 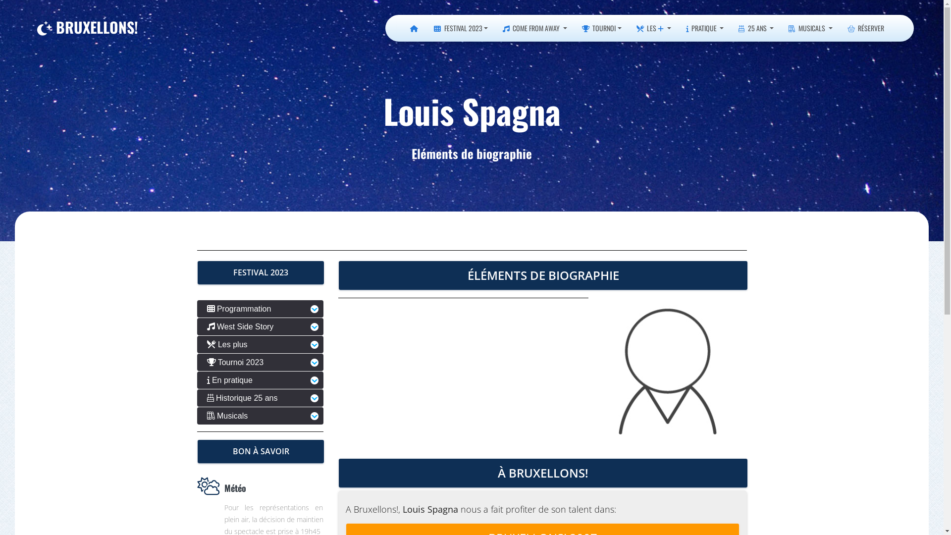 What do you see at coordinates (534, 28) in the screenshot?
I see `'COME FROM AWAY'` at bounding box center [534, 28].